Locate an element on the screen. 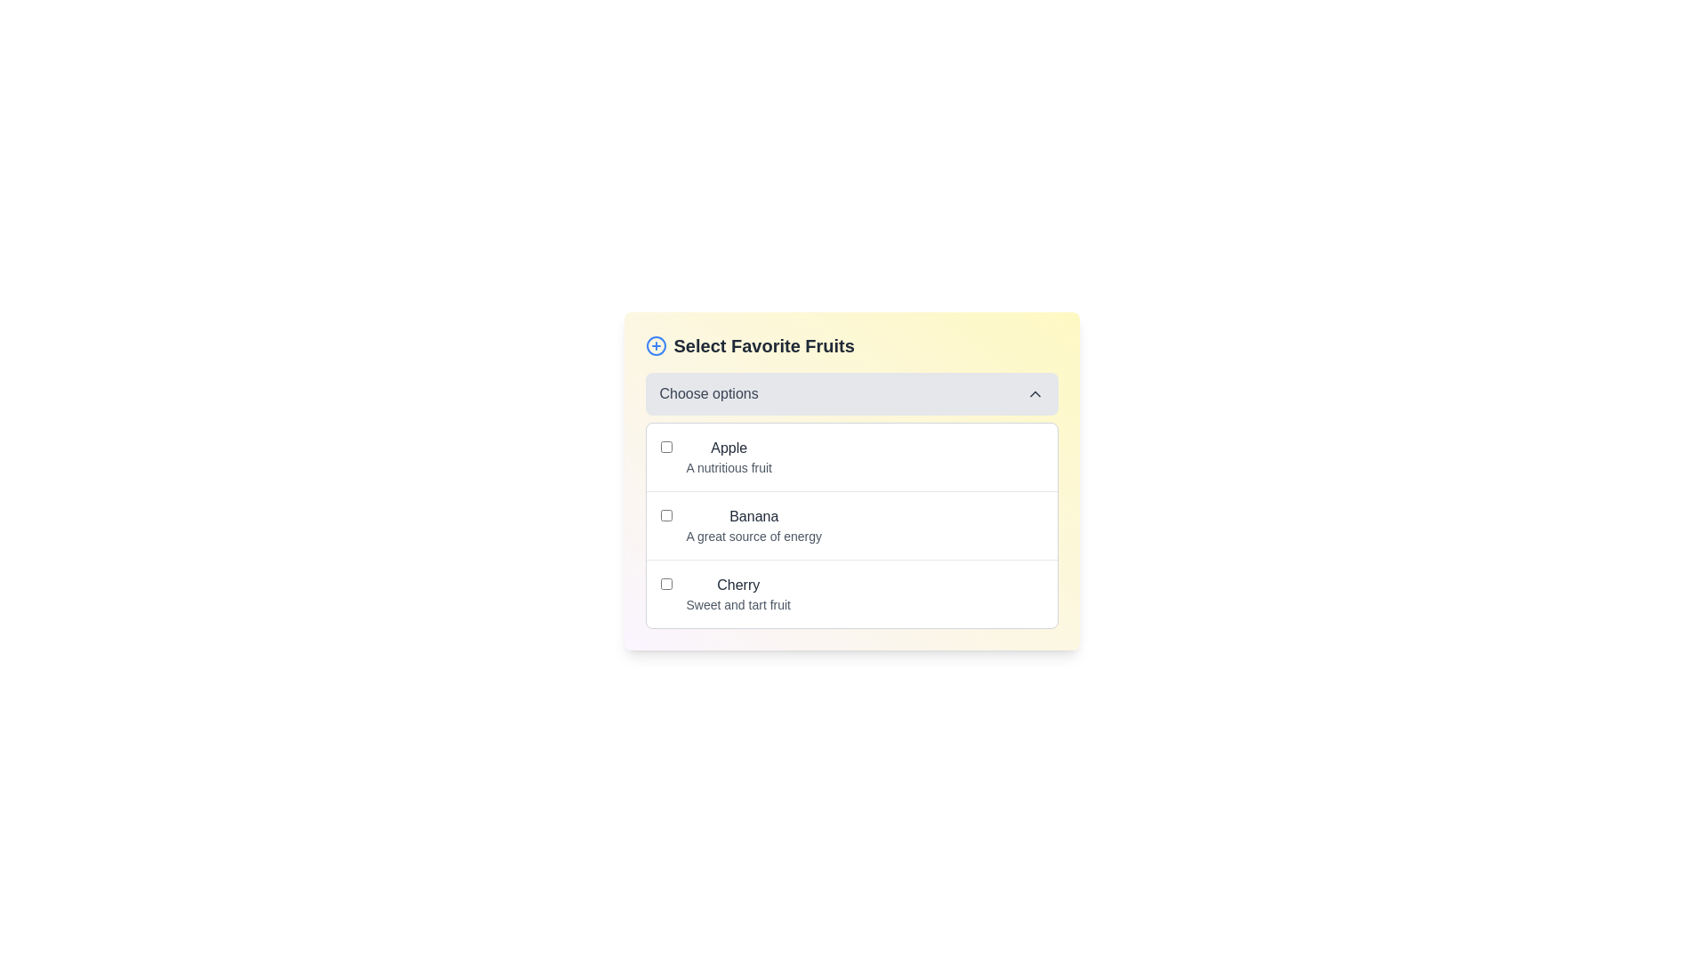  the small square checkbox is located at coordinates (665, 514).